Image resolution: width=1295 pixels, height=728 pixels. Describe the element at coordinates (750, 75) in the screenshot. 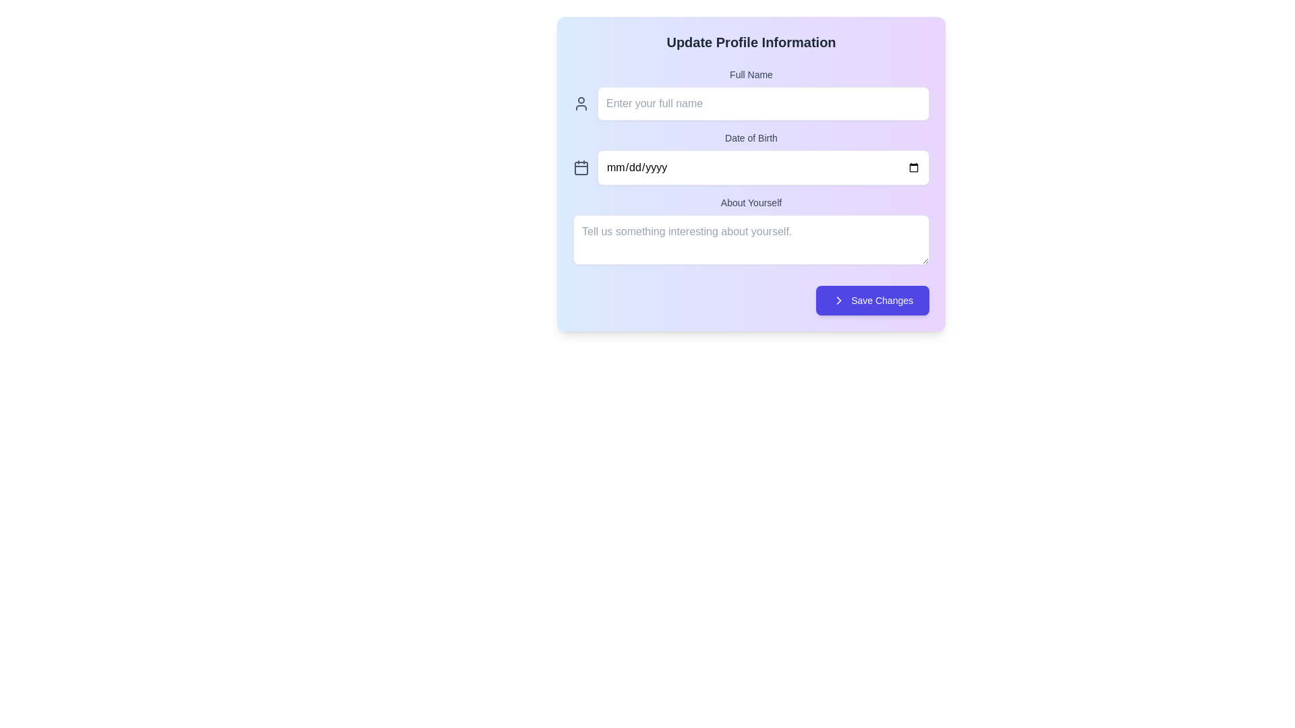

I see `the label indicating the input field for providing one's full name, located at the top of the form section` at that location.